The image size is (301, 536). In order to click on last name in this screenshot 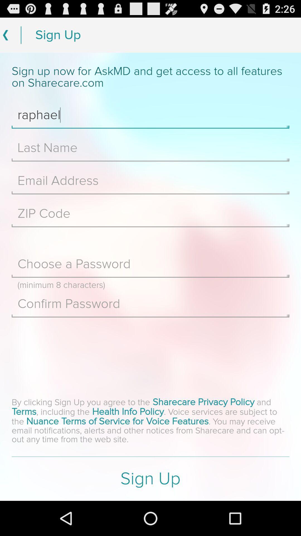, I will do `click(151, 148)`.